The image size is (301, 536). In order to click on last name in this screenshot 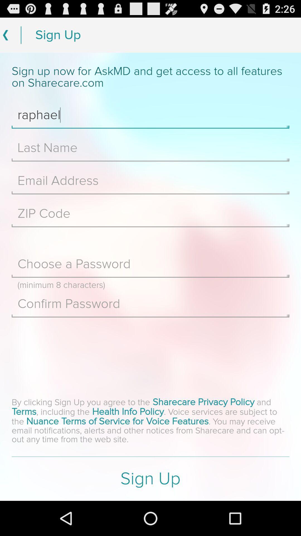, I will do `click(151, 148)`.